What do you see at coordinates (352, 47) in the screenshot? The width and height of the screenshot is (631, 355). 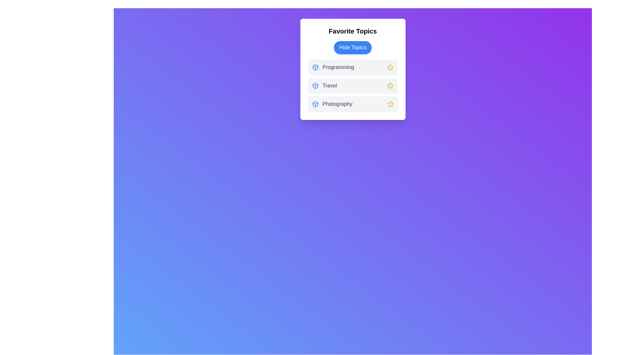 I see `the button located below the title 'Favorite Topics' to hide the list of topics displayed below it` at bounding box center [352, 47].